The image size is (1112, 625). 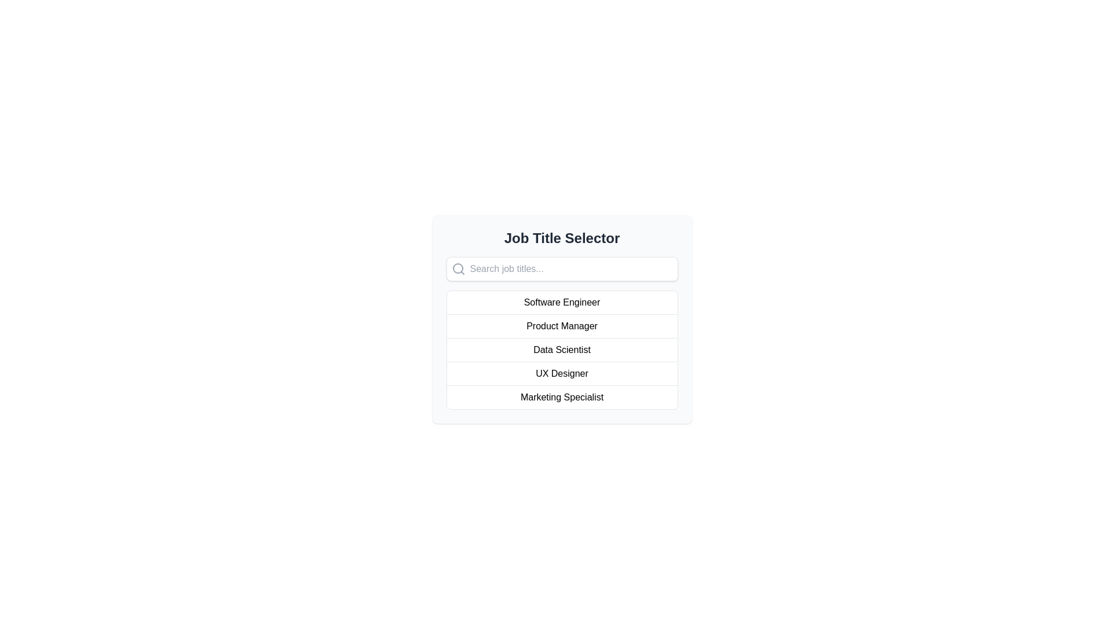 I want to click on the 'Marketing Specialist' option in the job title list, so click(x=562, y=396).